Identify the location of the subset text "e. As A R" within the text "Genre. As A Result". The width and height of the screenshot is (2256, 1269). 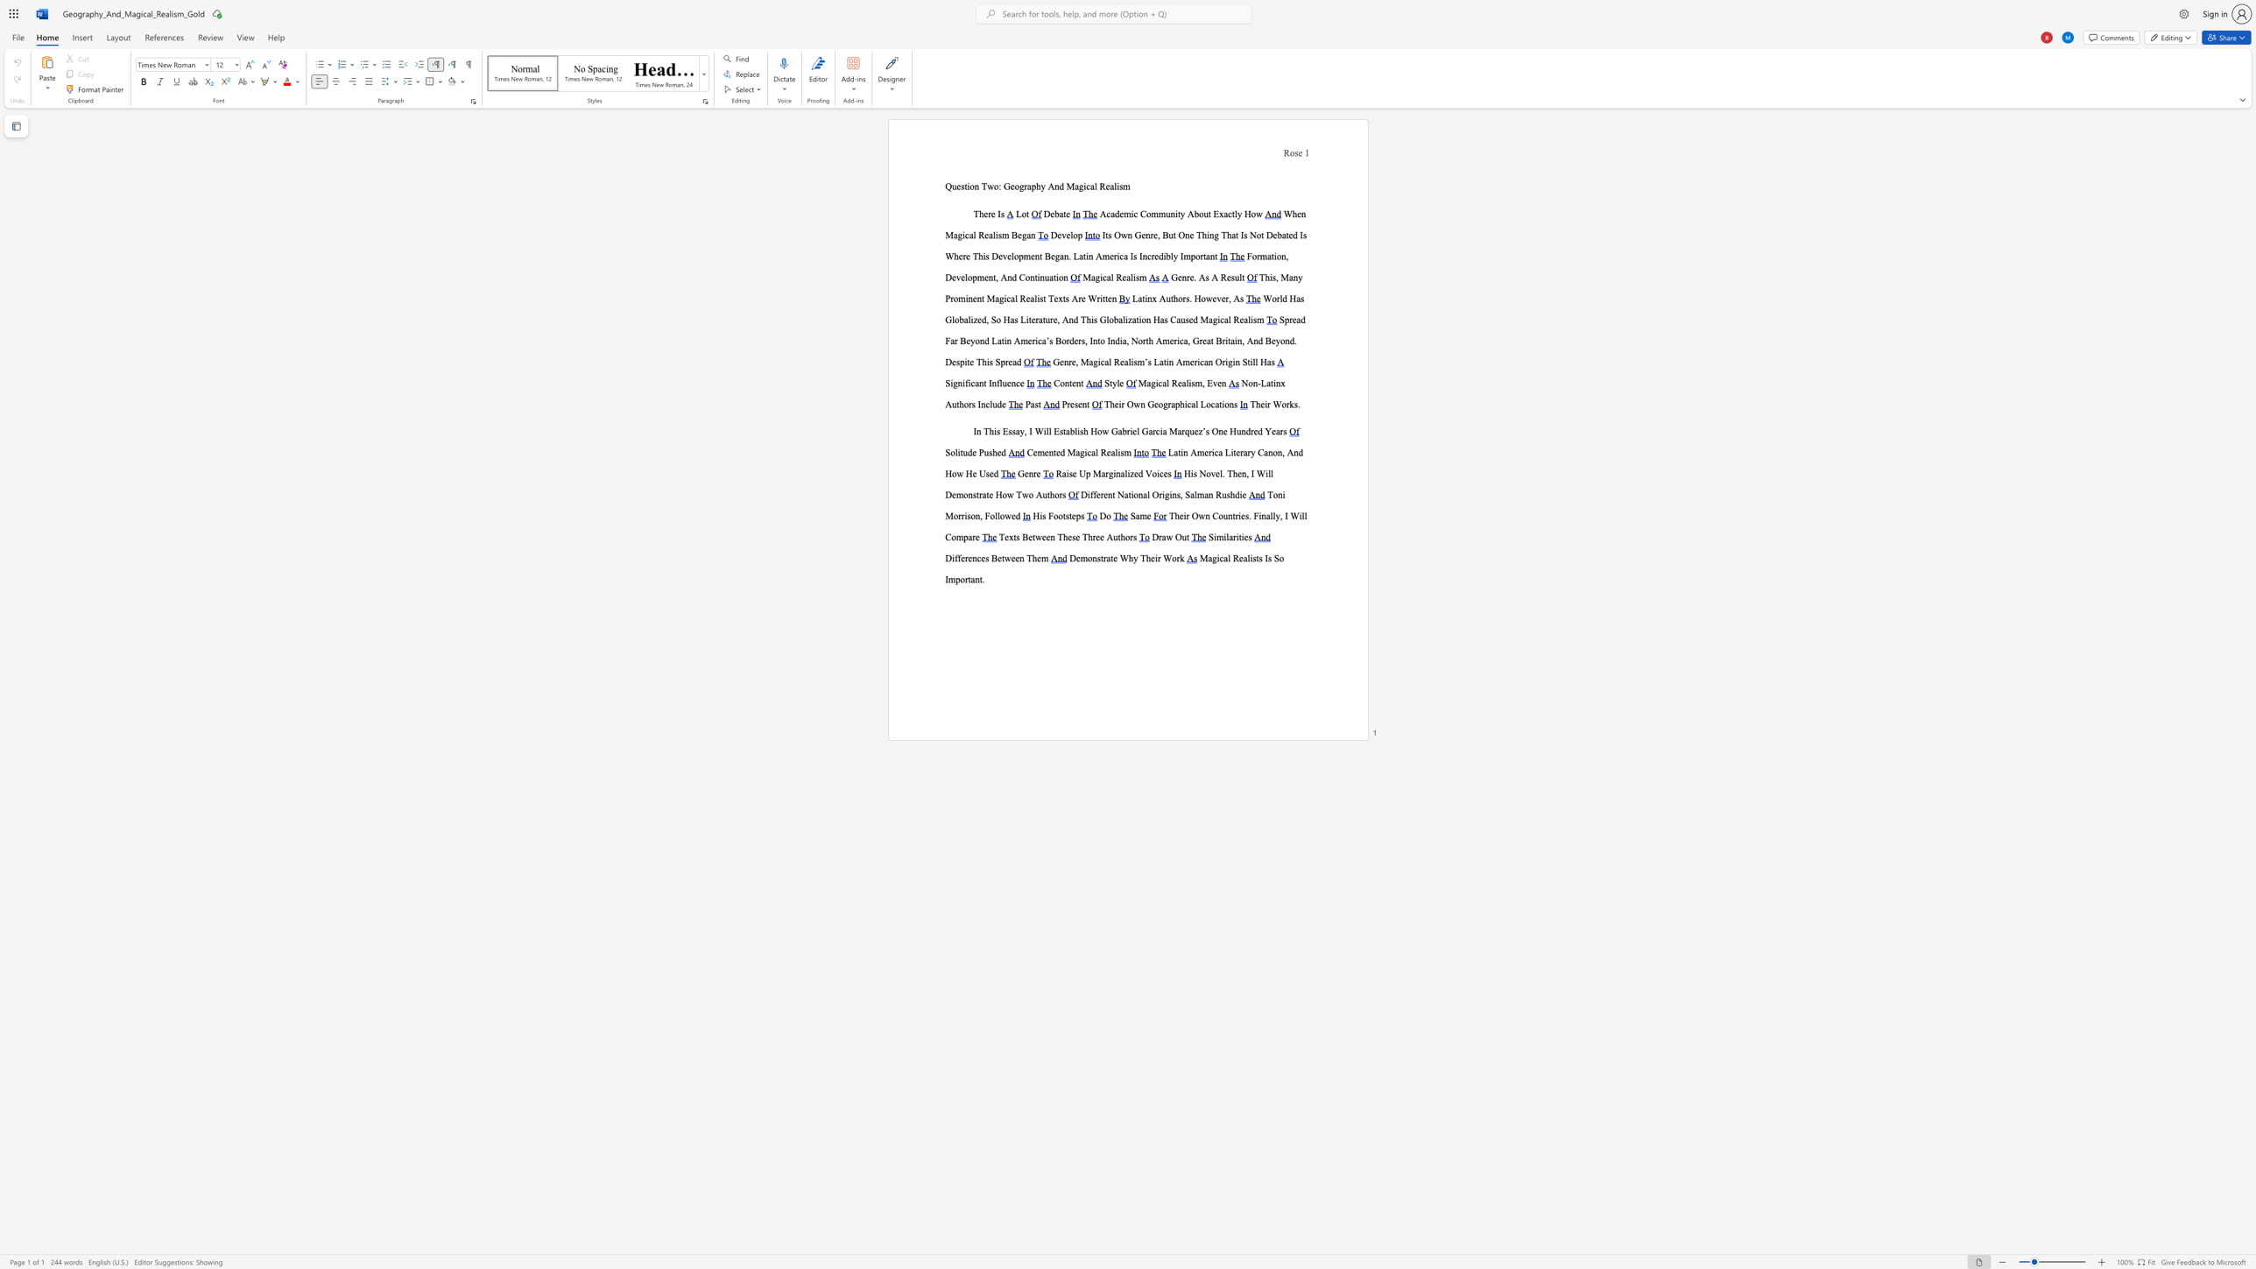
(1188, 277).